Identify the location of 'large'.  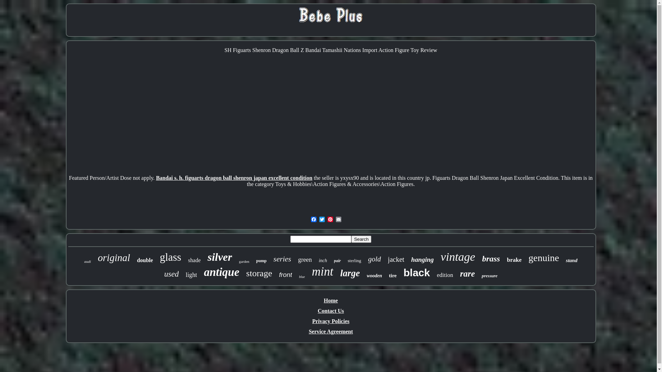
(350, 273).